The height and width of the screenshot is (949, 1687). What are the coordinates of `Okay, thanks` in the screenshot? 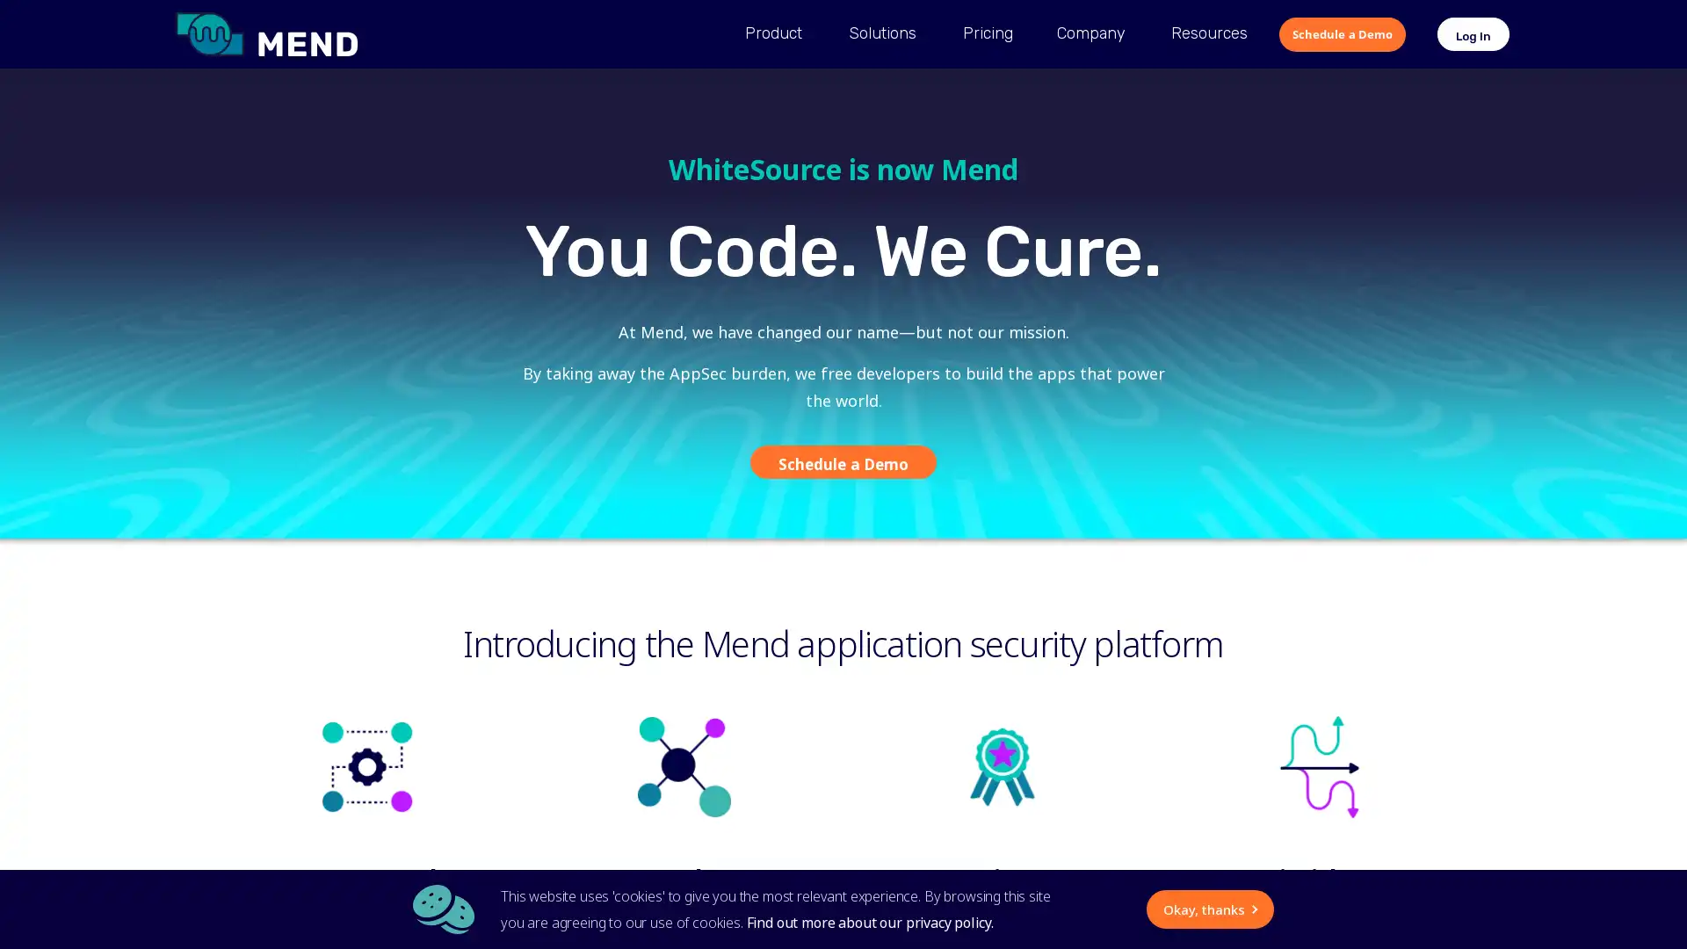 It's located at (1043, 909).